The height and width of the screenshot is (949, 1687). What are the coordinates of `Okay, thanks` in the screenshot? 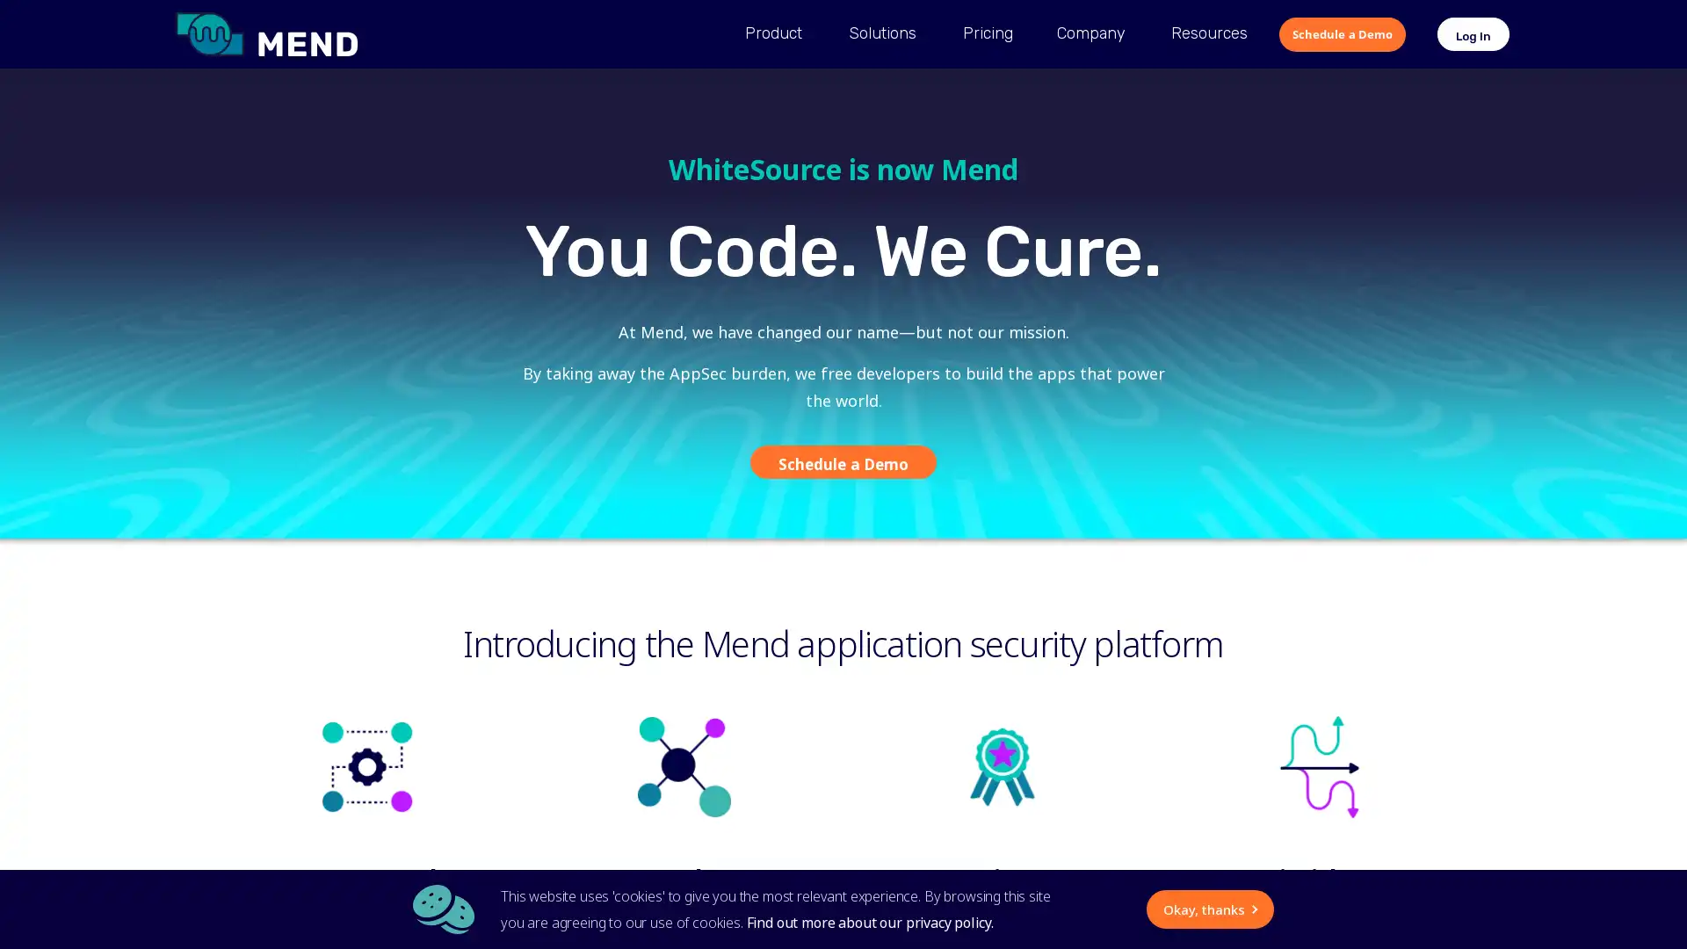 It's located at (1043, 909).